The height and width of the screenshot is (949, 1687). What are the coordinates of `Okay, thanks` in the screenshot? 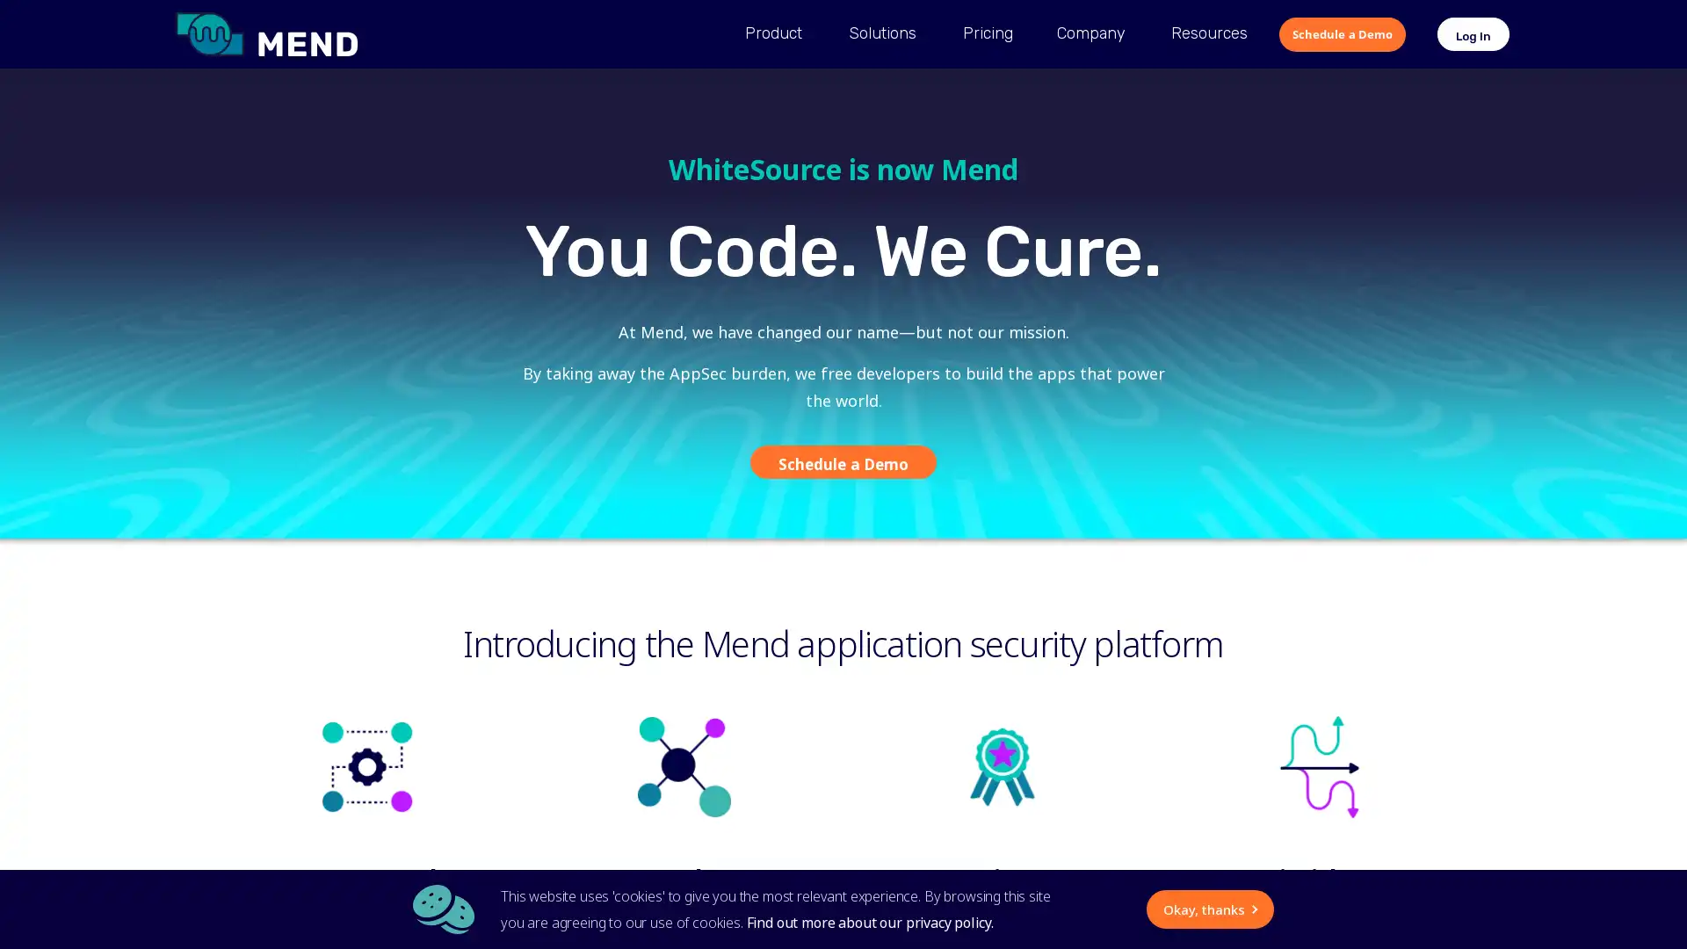 It's located at (1043, 909).